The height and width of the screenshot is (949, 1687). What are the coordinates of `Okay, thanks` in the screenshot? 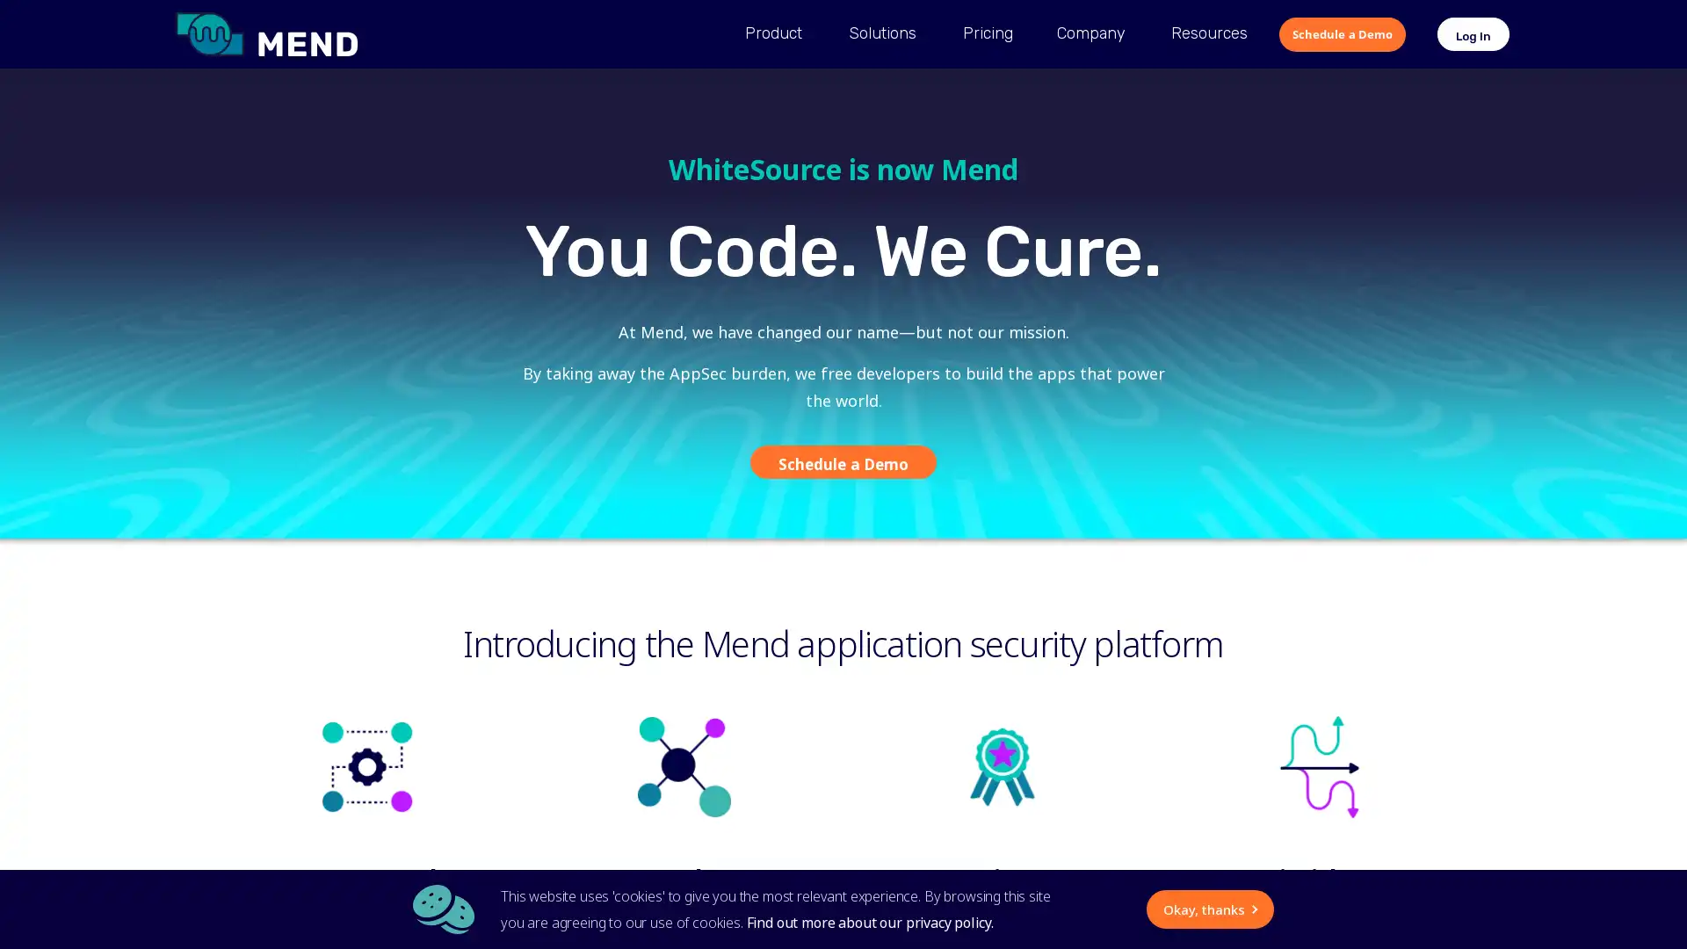 It's located at (1043, 909).